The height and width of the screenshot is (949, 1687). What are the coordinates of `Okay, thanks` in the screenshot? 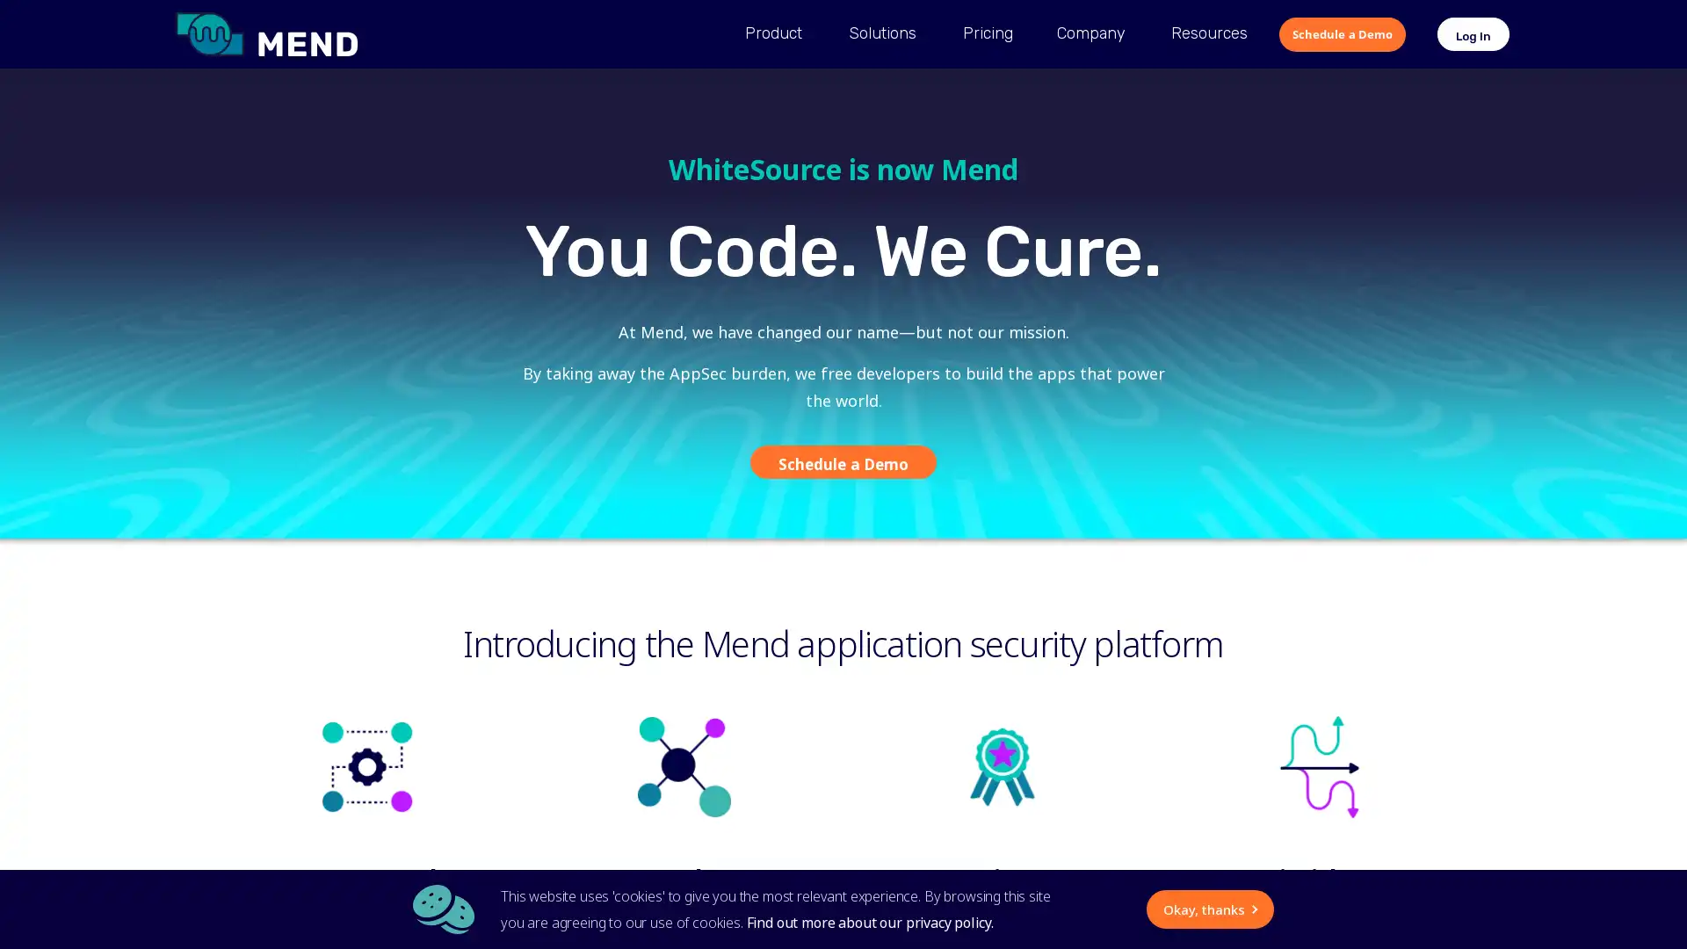 It's located at (1043, 909).